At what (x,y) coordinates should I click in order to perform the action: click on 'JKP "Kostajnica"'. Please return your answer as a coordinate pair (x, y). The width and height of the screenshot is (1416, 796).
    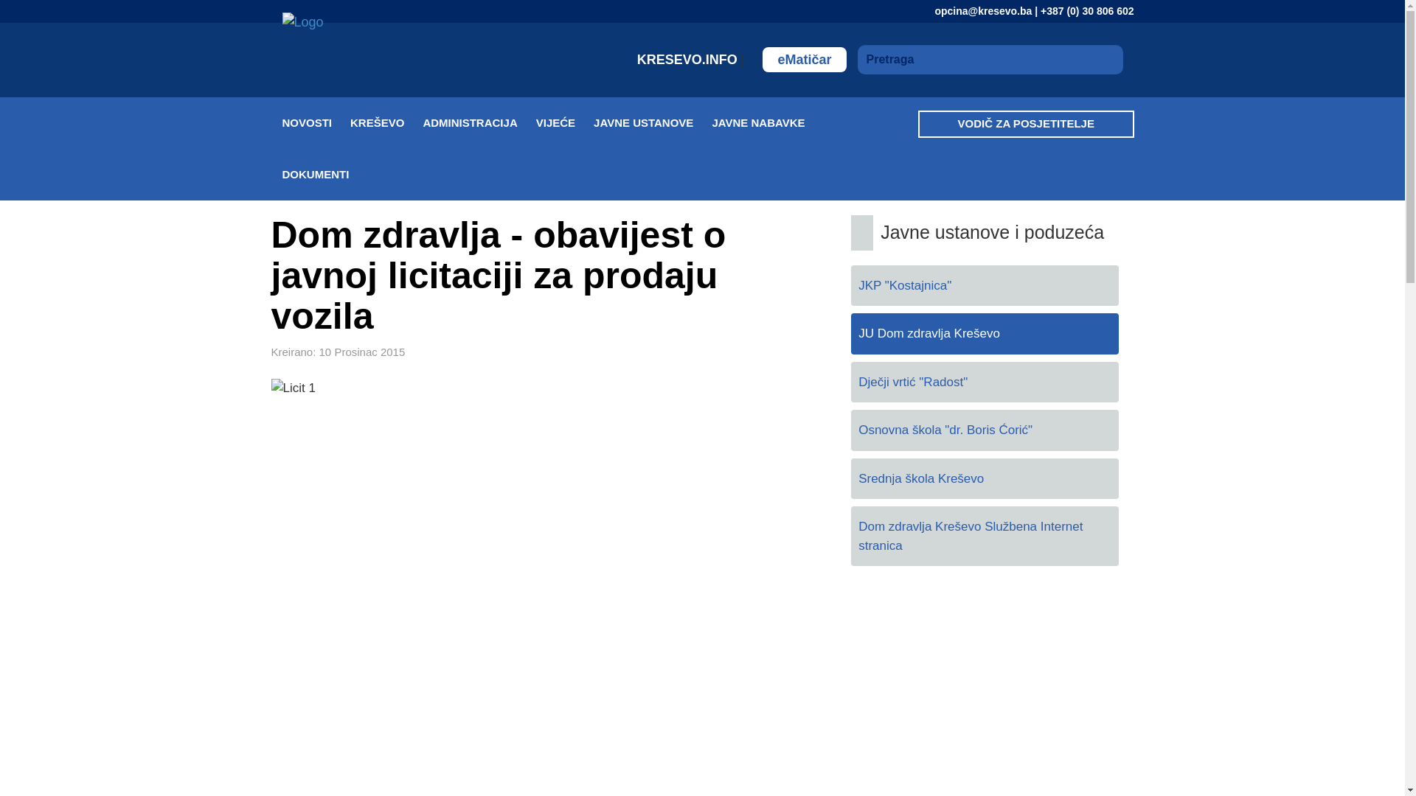
    Looking at the image, I should click on (985, 286).